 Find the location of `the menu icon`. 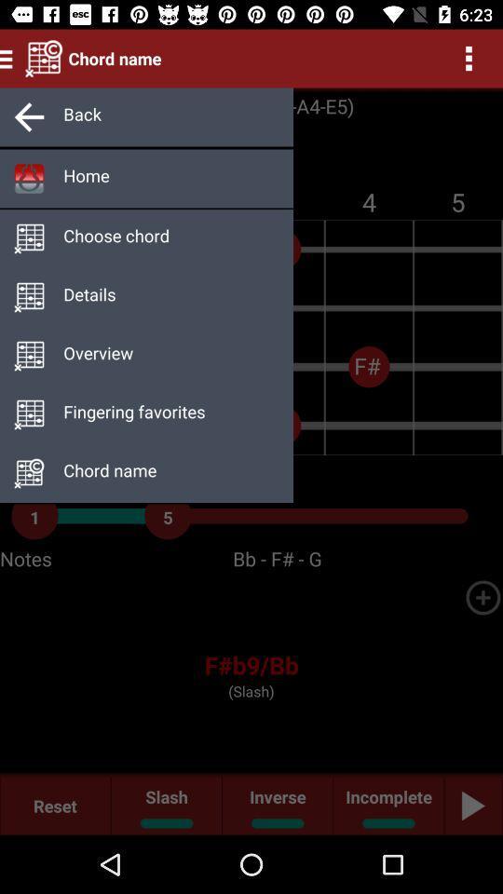

the menu icon is located at coordinates (8, 58).